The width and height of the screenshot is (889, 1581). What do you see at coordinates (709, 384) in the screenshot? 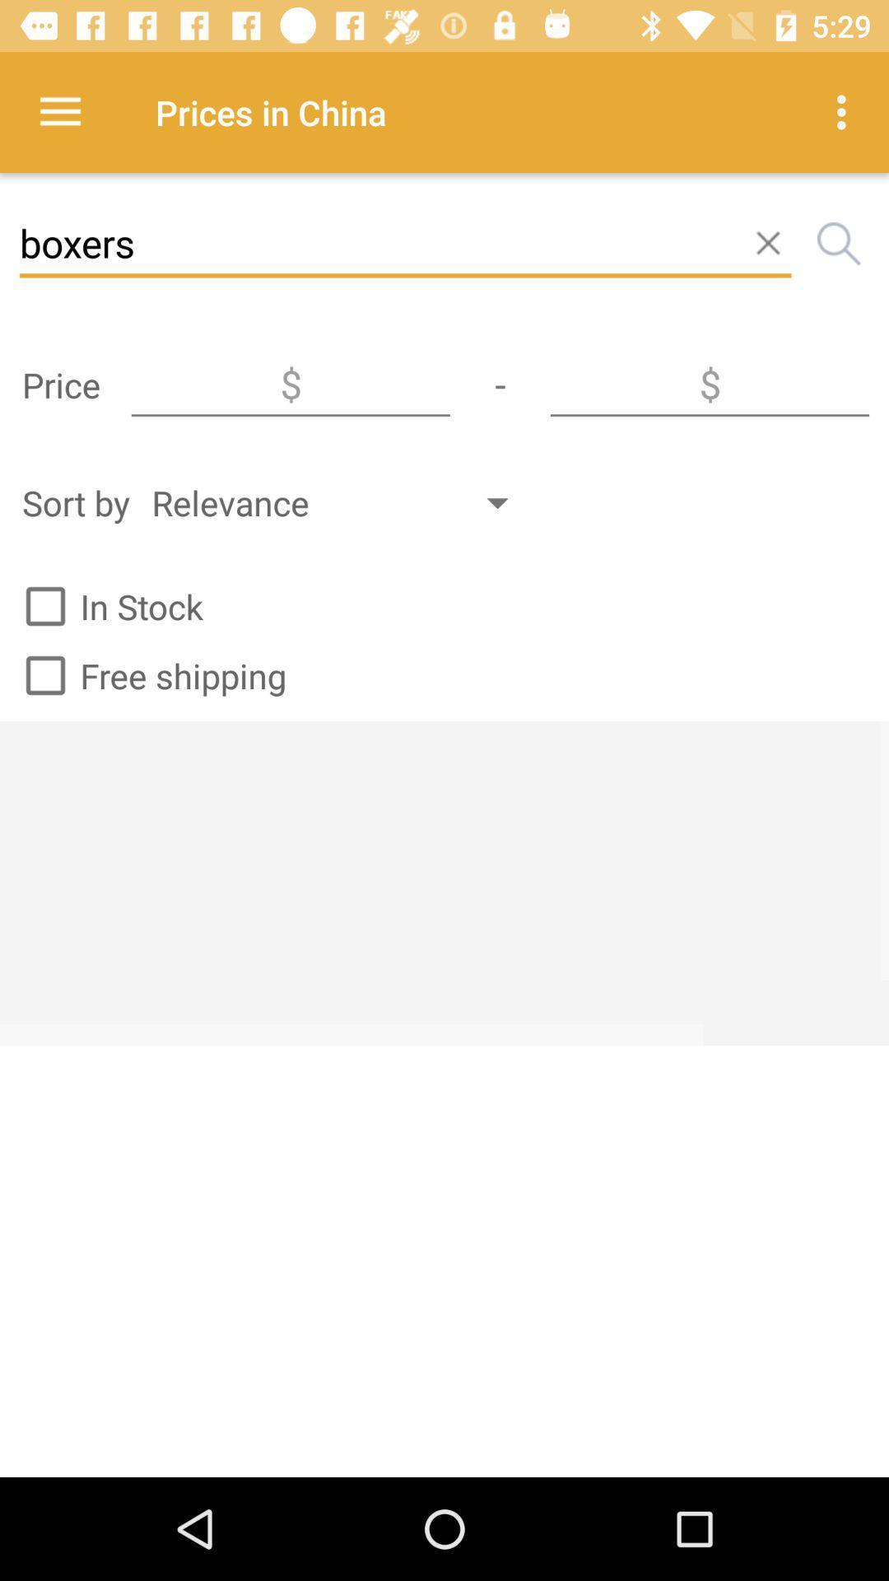
I see `activate price textbox` at bounding box center [709, 384].